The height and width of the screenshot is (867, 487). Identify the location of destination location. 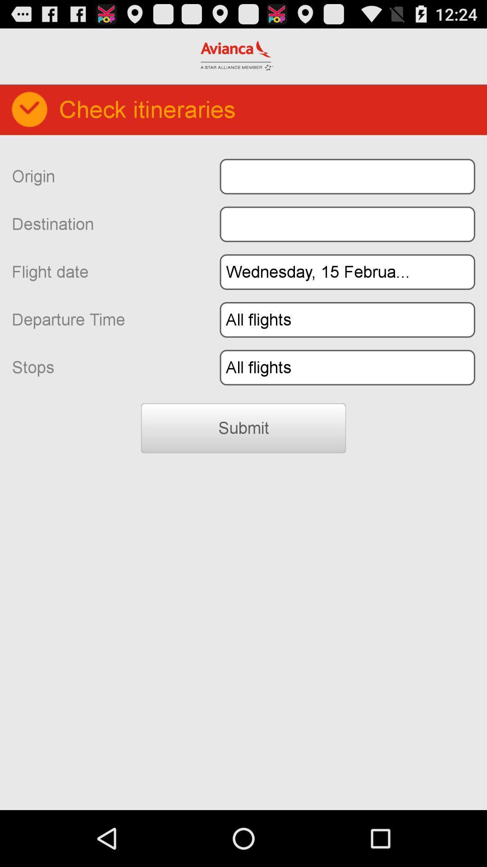
(347, 224).